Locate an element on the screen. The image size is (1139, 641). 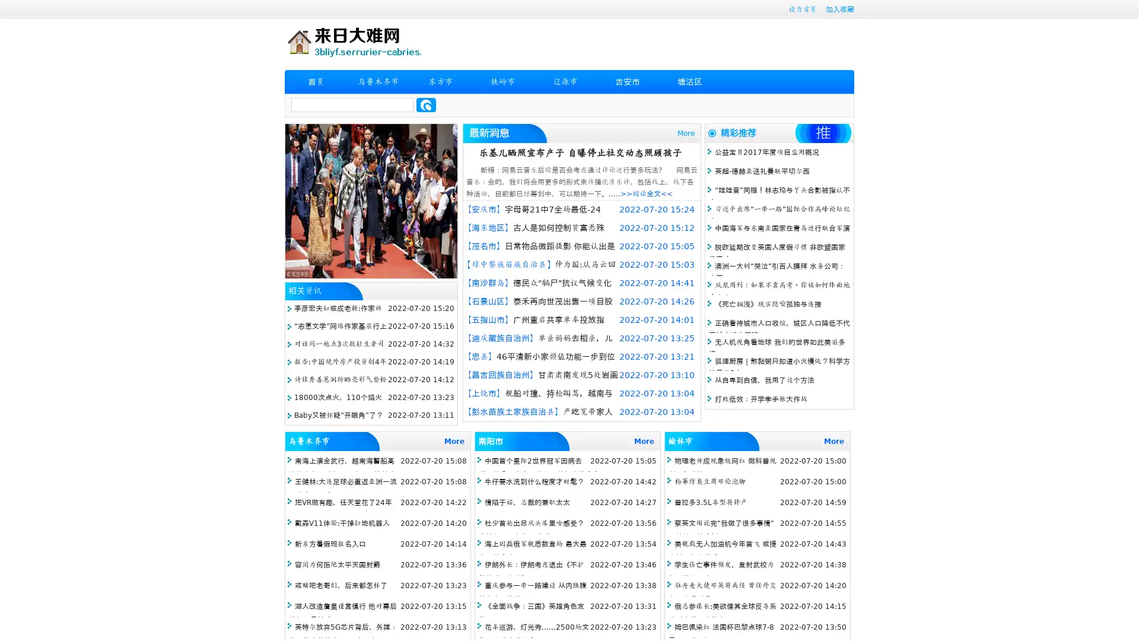
Search is located at coordinates (426, 104).